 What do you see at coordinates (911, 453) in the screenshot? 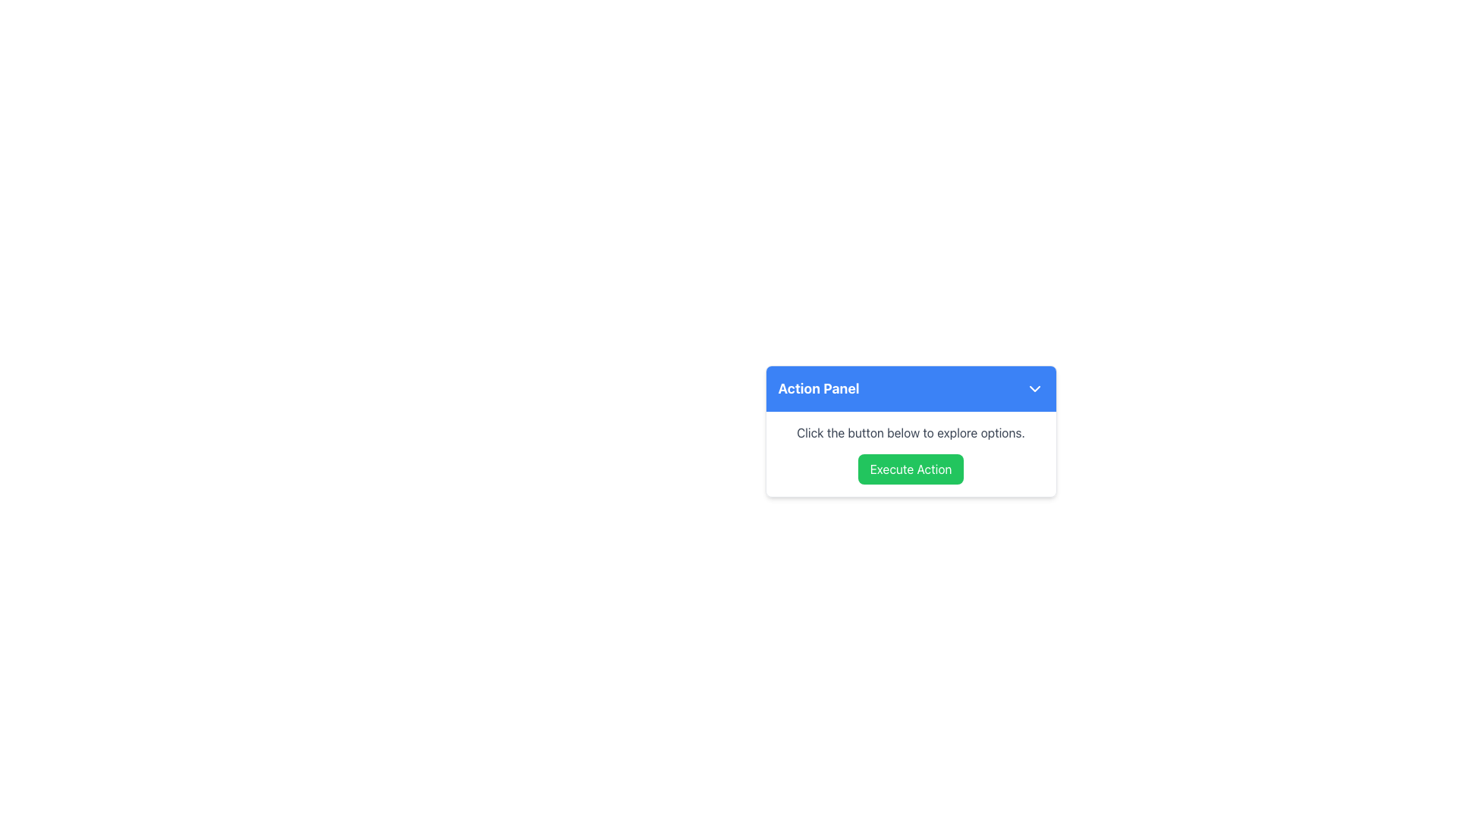
I see `the button labeled 'Execute Action' located below the instructional text in the 'Action Panel'` at bounding box center [911, 453].